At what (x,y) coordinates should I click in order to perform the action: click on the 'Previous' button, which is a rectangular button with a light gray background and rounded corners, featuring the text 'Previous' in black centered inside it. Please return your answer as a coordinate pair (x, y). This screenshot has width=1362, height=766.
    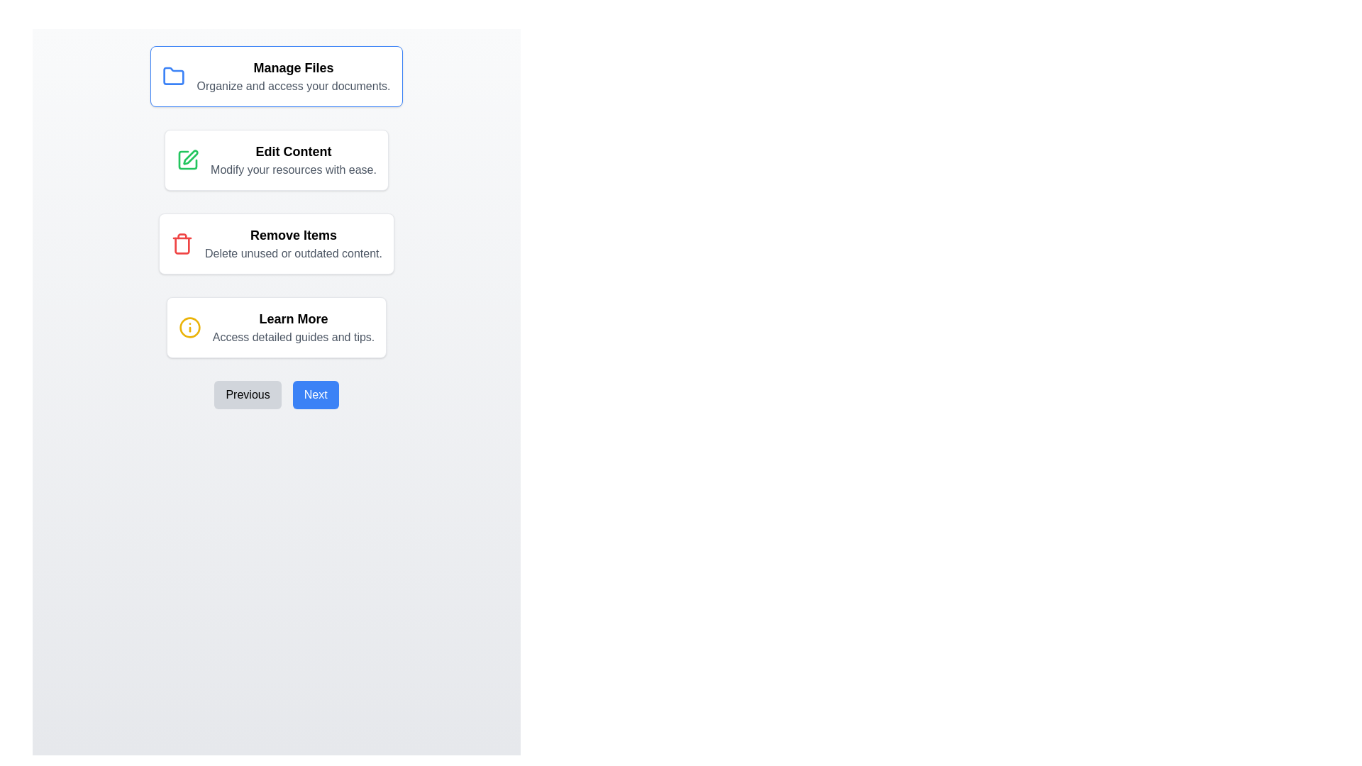
    Looking at the image, I should click on (248, 394).